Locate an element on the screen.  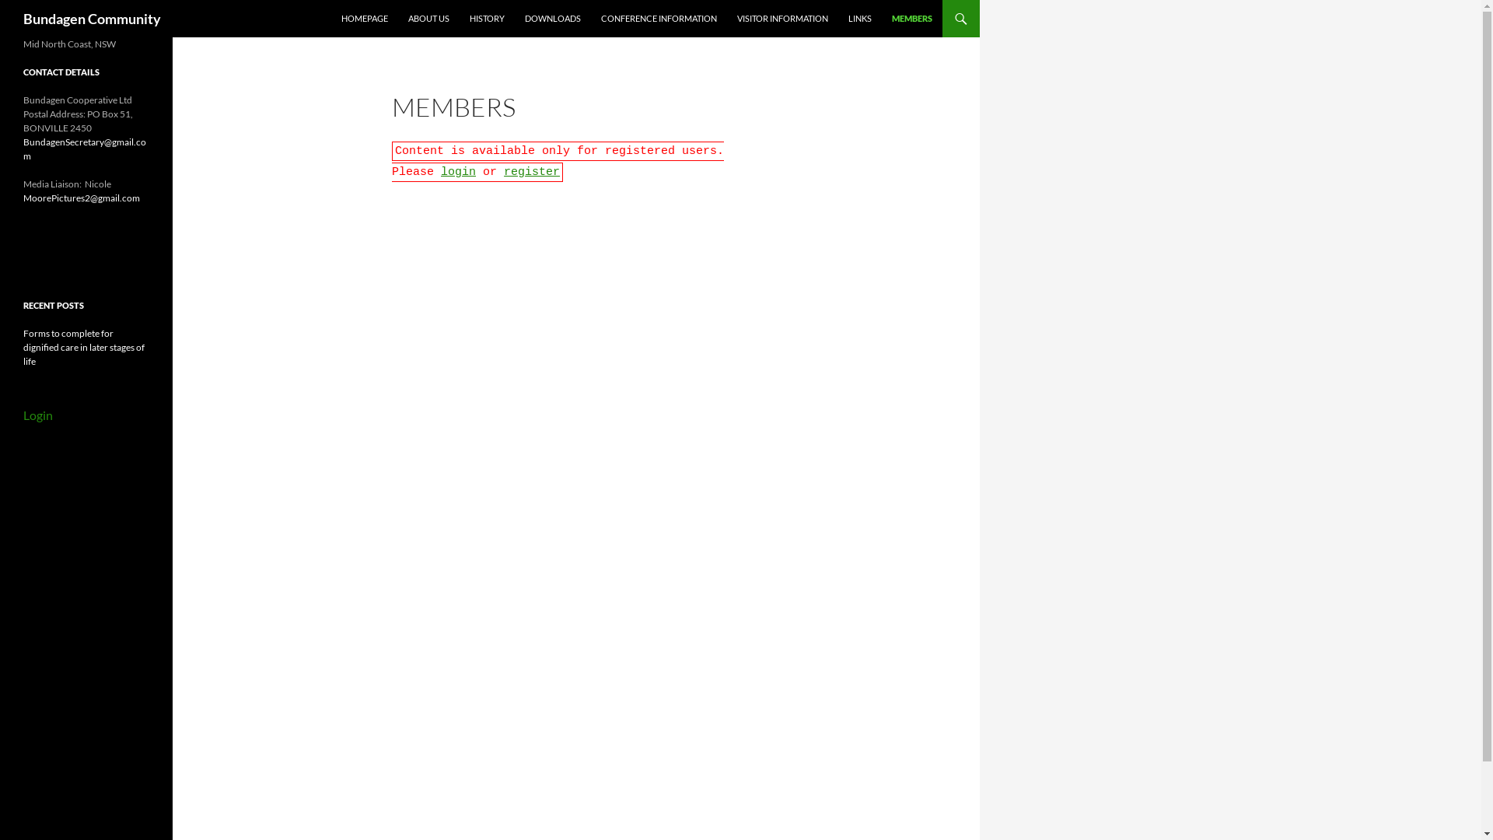
'MoorePictures2@gmail.com' is located at coordinates (81, 197).